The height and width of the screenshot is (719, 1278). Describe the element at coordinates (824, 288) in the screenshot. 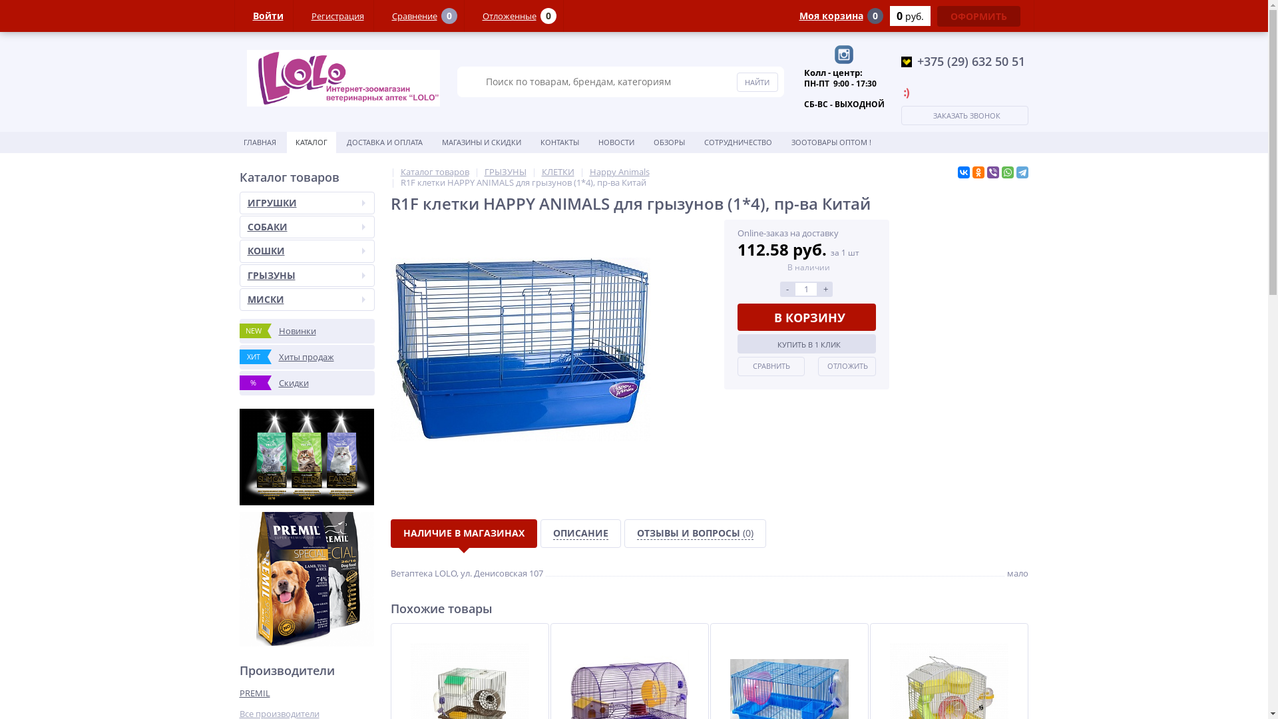

I see `'+'` at that location.